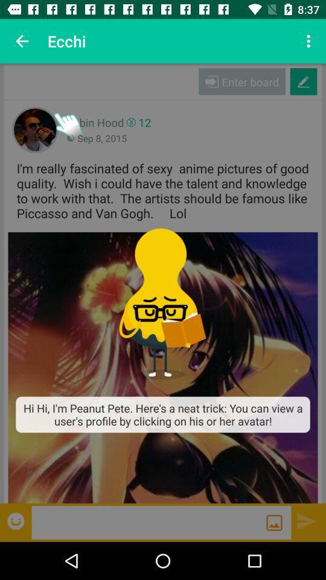  What do you see at coordinates (22, 41) in the screenshot?
I see `app next to the ecchi  item` at bounding box center [22, 41].